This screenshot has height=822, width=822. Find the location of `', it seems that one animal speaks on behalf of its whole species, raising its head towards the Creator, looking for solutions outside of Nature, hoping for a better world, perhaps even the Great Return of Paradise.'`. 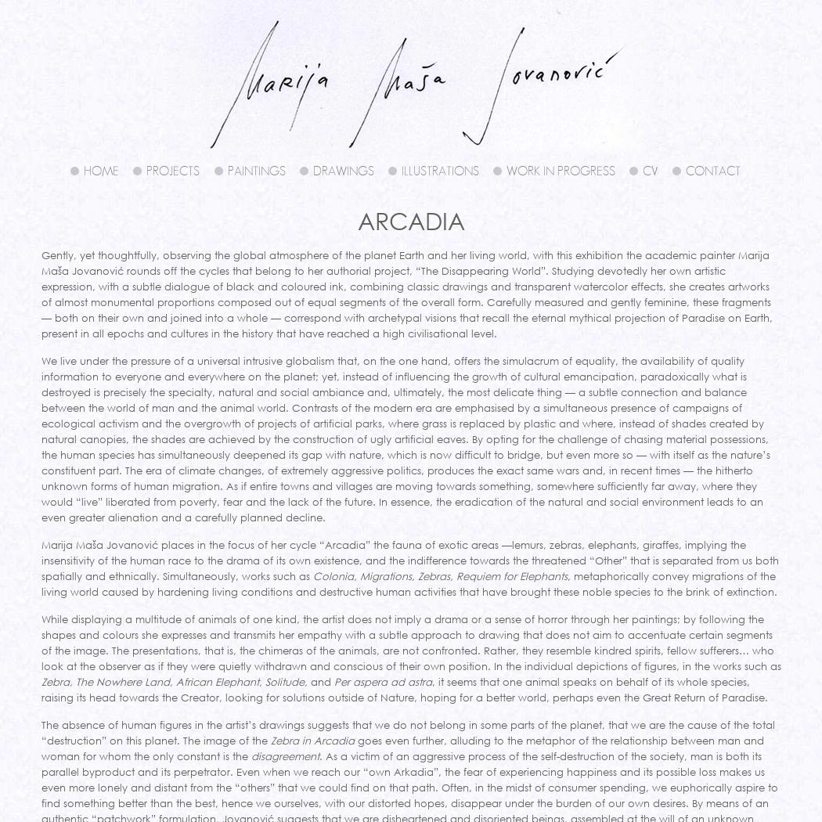

', it seems that one animal speaks on behalf of its whole species, raising its head towards the Creator, looking for solutions outside of Nature, hoping for a better world, perhaps even the Great Return of Paradise.' is located at coordinates (39, 688).